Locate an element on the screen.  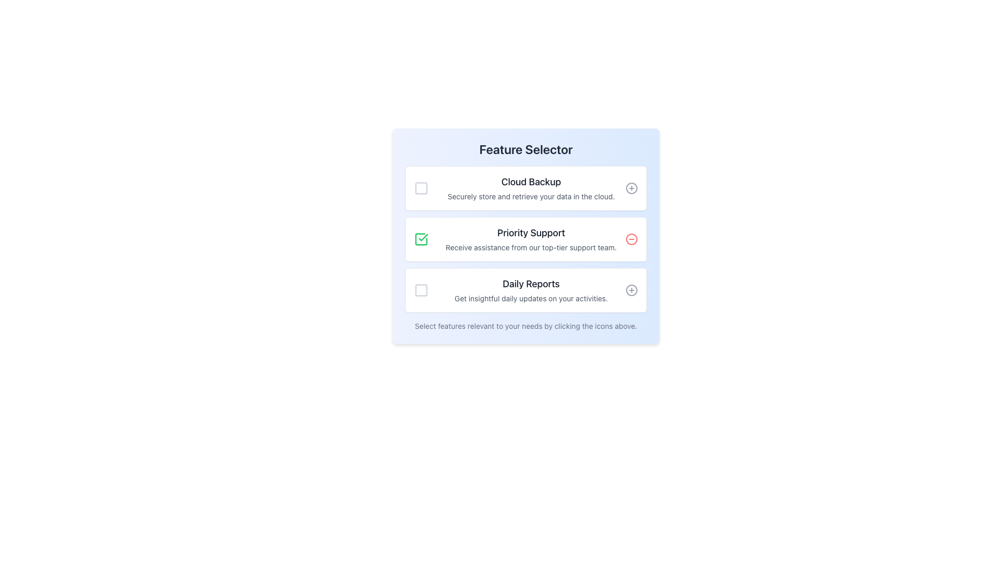
the static text that reads 'Receive assistance from our top-tier support team', which is located directly under the 'Priority Support' headline in the middle card of the Feature Selector section is located at coordinates (531, 247).